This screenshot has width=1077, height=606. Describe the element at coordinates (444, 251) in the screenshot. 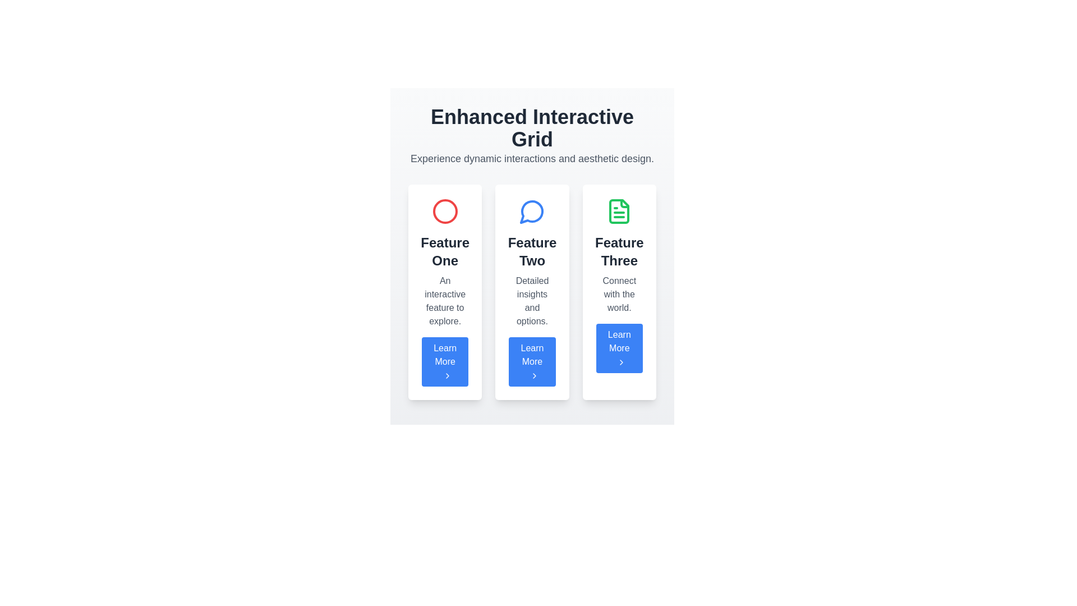

I see `the bold text reading 'Feature One', which is styled prominently as a header within the leftmost card, positioned below a circular icon` at that location.